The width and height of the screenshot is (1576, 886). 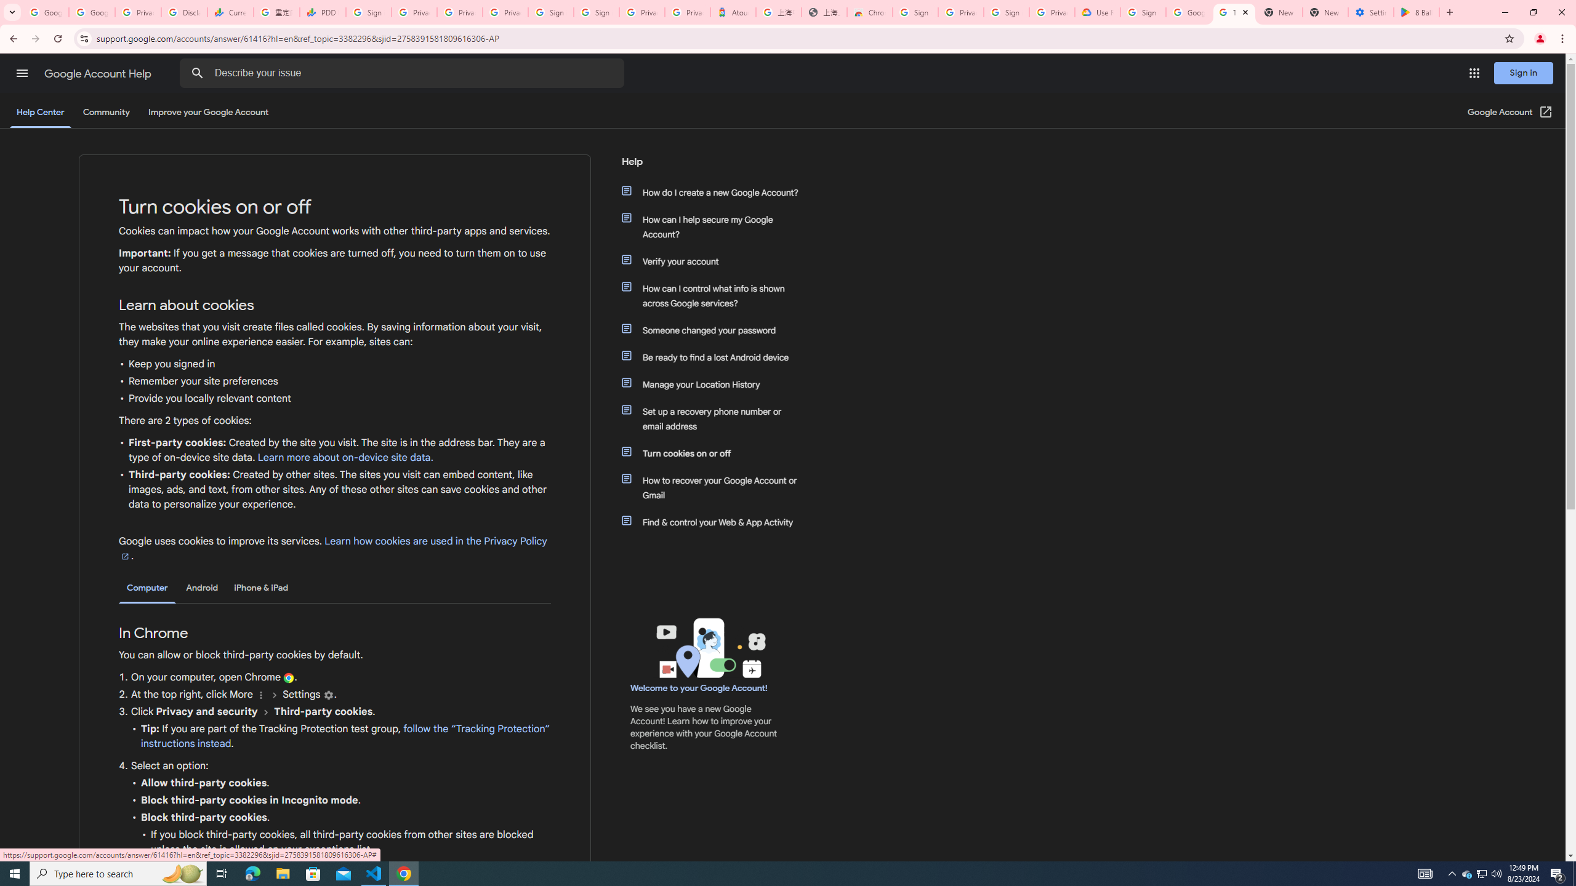 What do you see at coordinates (733, 12) in the screenshot?
I see `'Atour Hotel - Google hotels'` at bounding box center [733, 12].